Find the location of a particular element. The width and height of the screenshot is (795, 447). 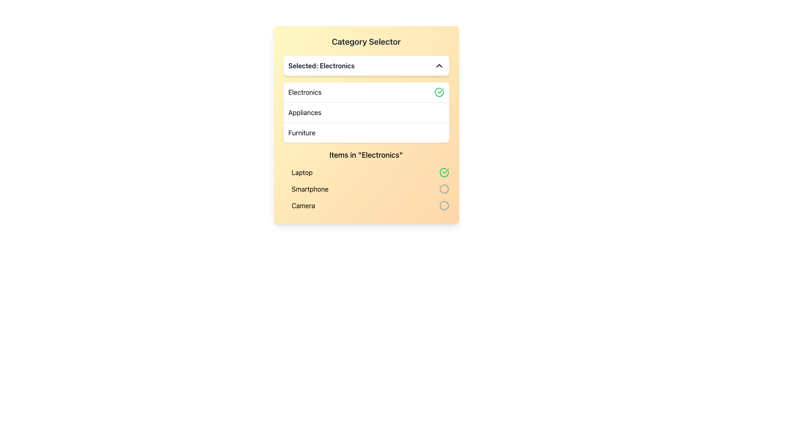

the 'Appliances' text label is located at coordinates (304, 113).